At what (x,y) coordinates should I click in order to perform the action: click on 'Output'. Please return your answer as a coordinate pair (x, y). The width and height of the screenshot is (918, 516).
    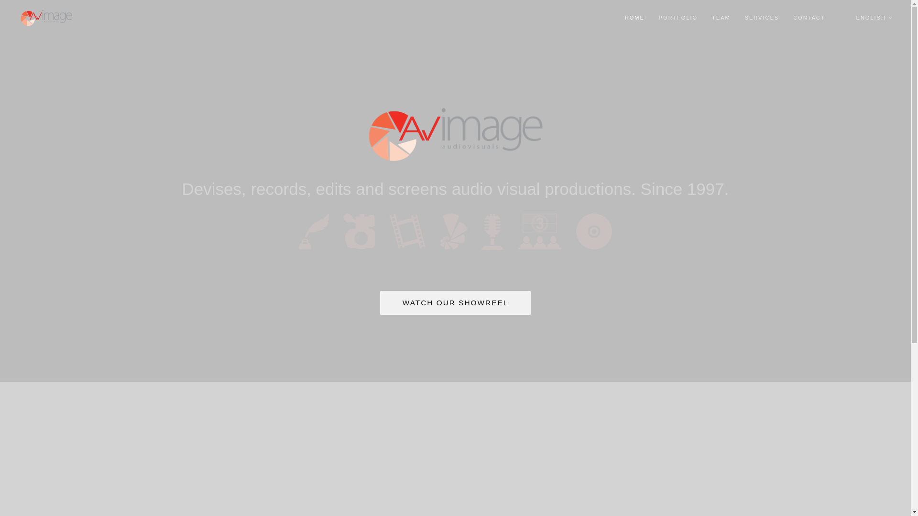
    Looking at the image, I should click on (593, 231).